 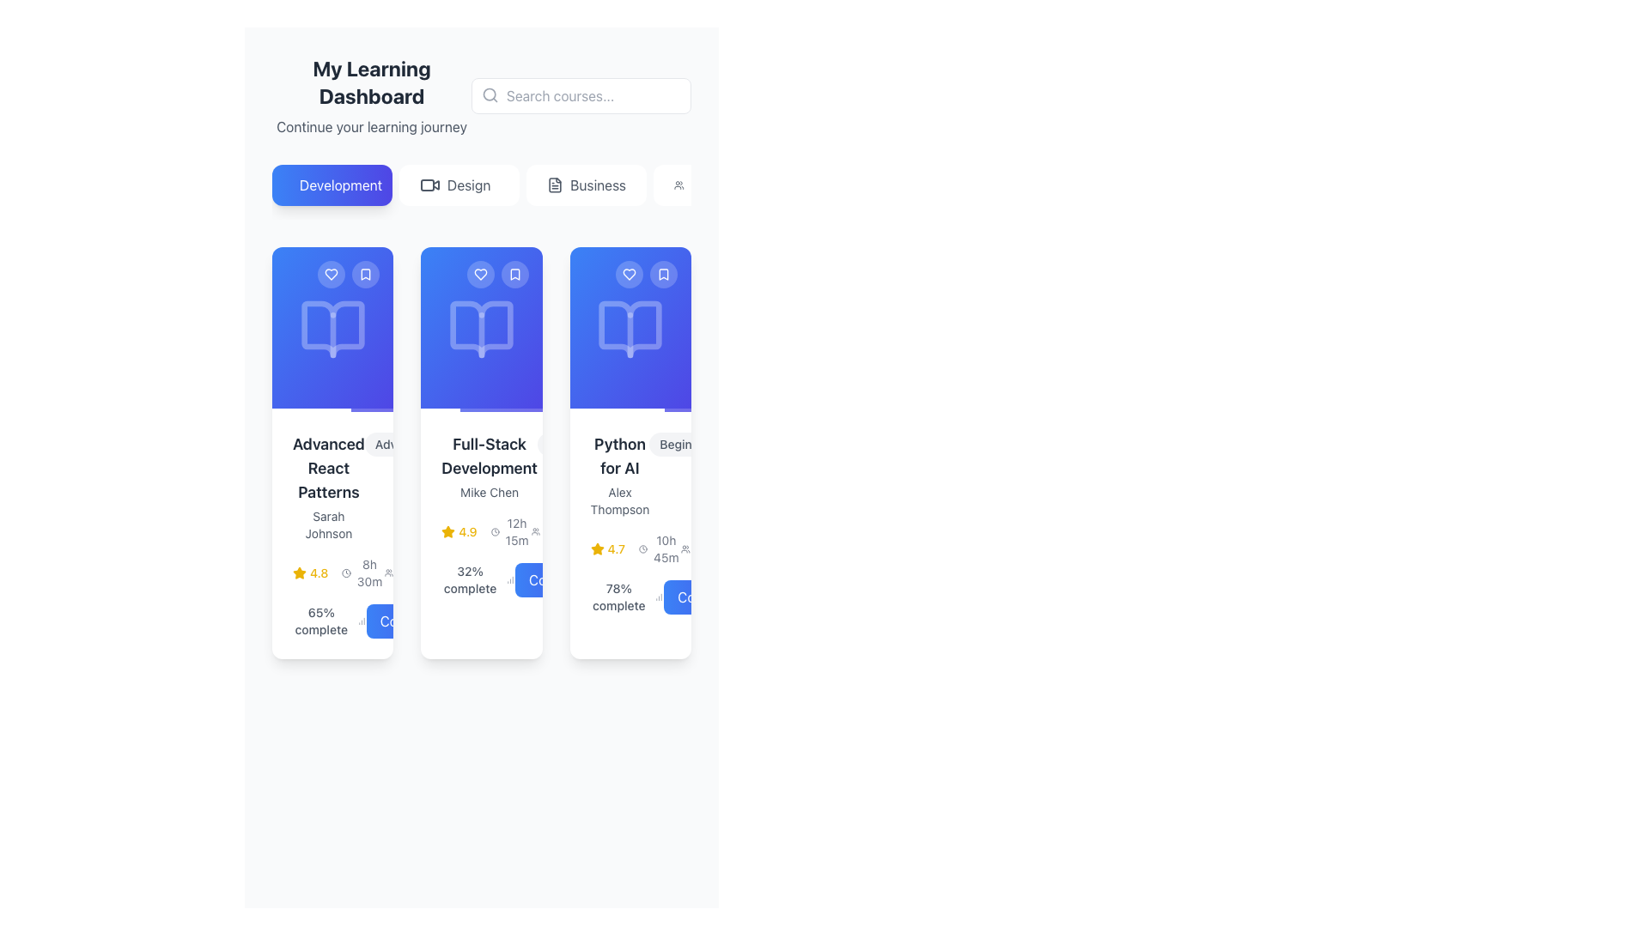 What do you see at coordinates (597, 548) in the screenshot?
I see `the first rating star icon representing a five-pointed star for the course 'Python for AI' to interact with the rating system` at bounding box center [597, 548].